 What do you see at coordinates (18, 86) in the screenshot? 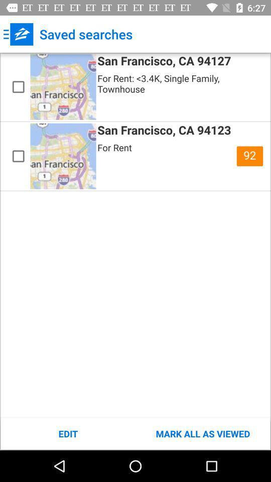
I see `this saved search` at bounding box center [18, 86].